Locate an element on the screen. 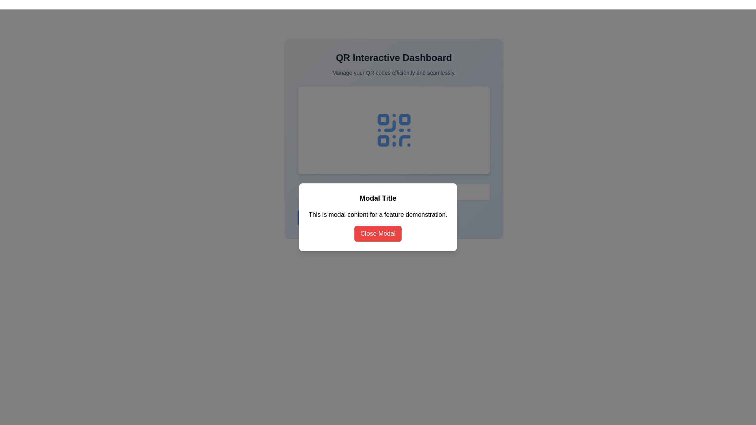 This screenshot has height=425, width=756. the heading text element that signifies the main topic or theme of the modal dialog, positioned above the subtitle 'Manage your QR codes efficiently and seamlessly.' is located at coordinates (394, 57).